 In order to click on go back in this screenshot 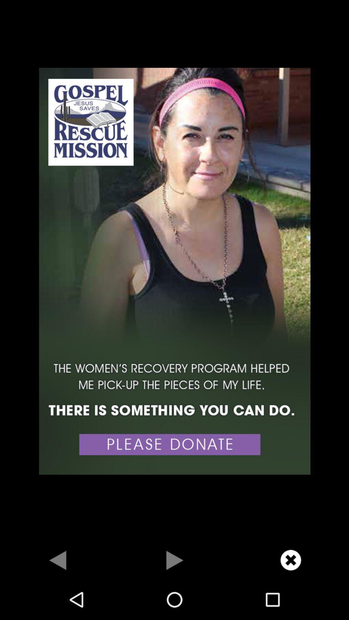, I will do `click(58, 560)`.